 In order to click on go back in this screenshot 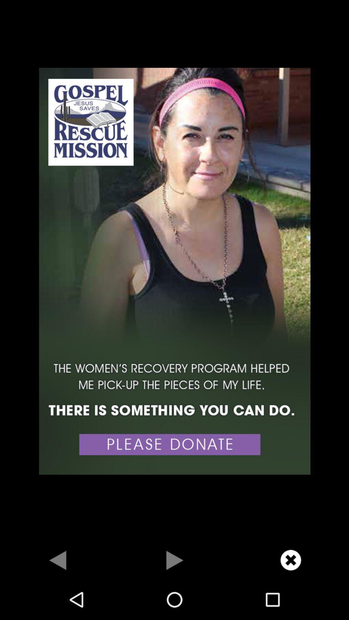, I will do `click(58, 560)`.